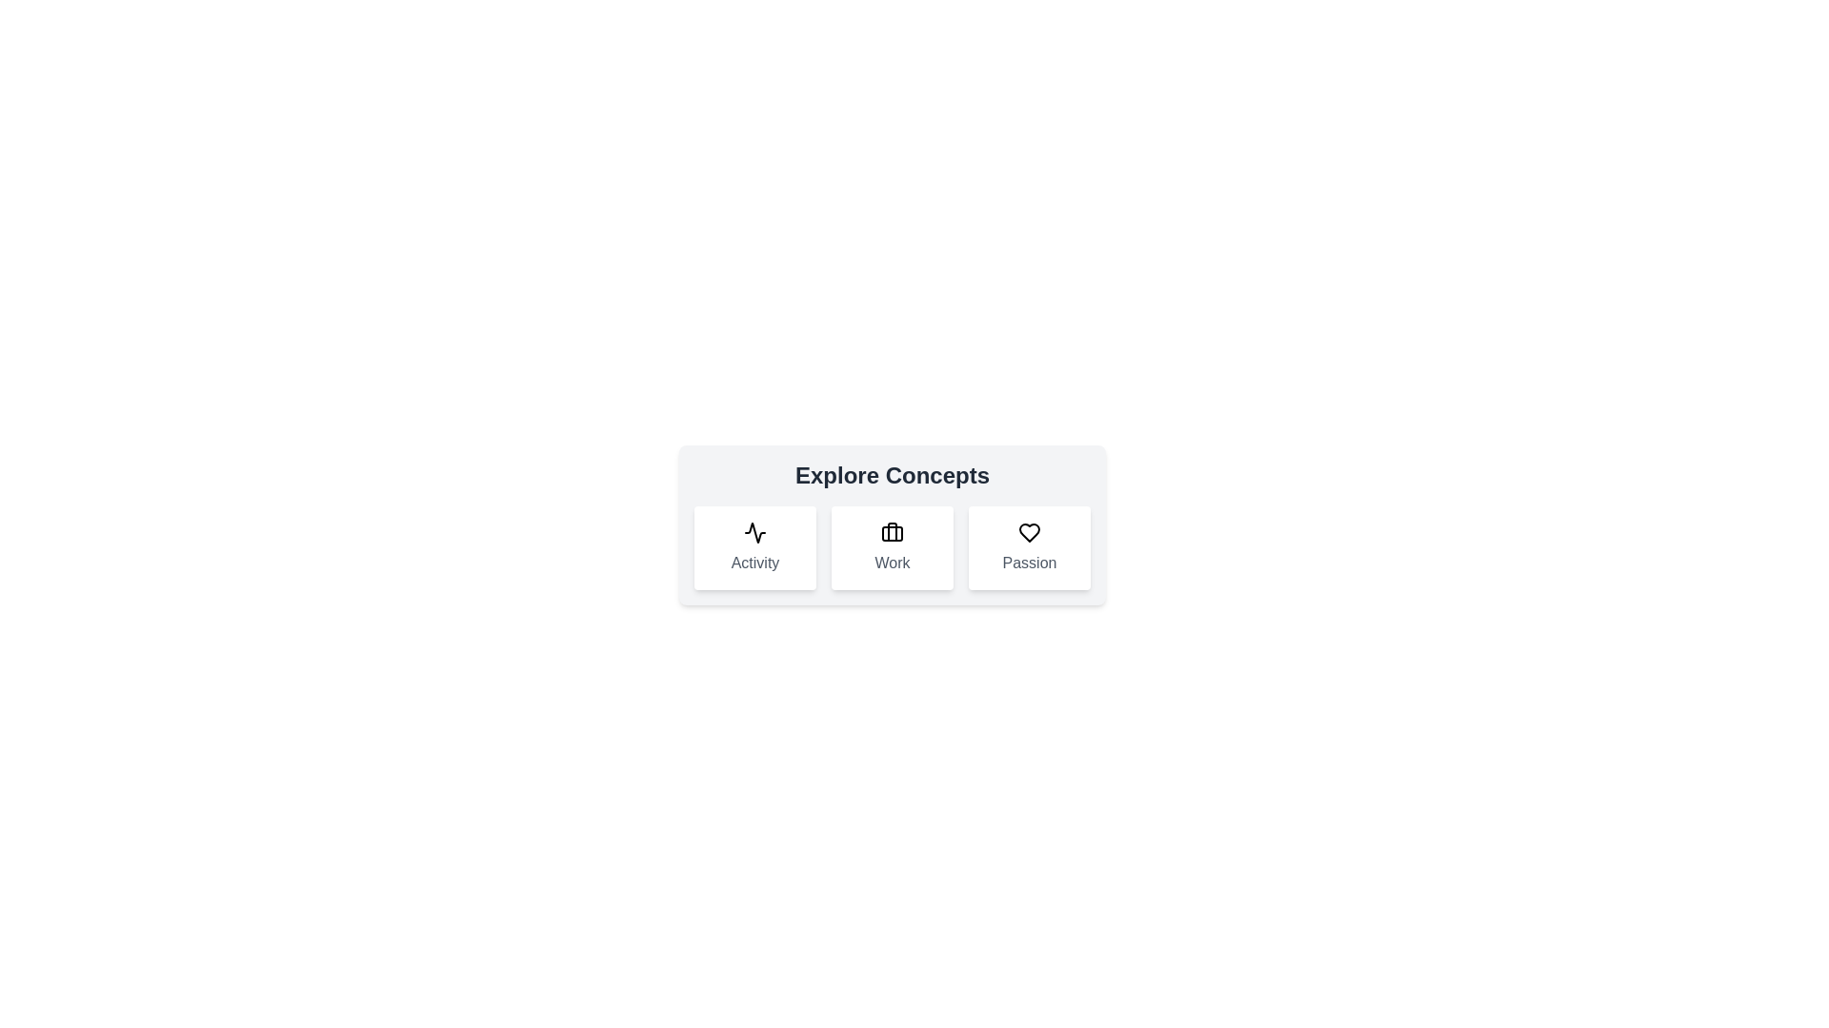  I want to click on the static text label displaying the word 'Passion' which is located in the bottom-right card of the concept blocks under the title 'Explore Concepts', so click(1028, 562).